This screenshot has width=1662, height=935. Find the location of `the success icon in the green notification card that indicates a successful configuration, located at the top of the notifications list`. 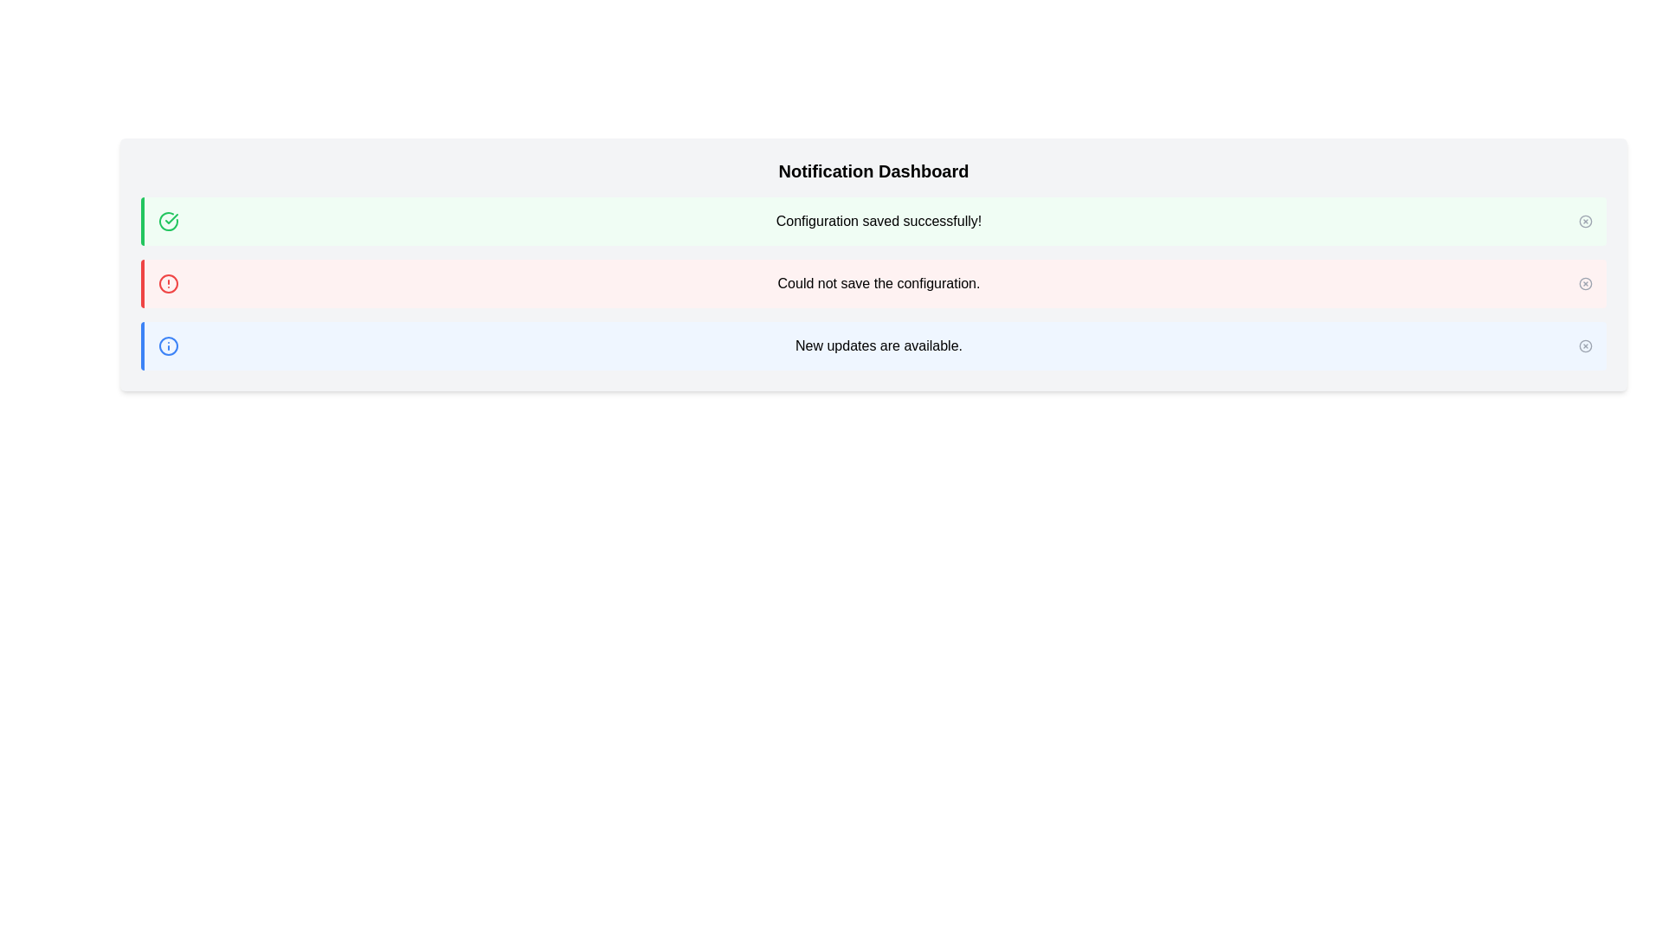

the success icon in the green notification card that indicates a successful configuration, located at the top of the notifications list is located at coordinates (169, 220).